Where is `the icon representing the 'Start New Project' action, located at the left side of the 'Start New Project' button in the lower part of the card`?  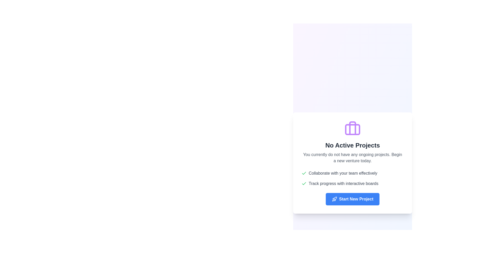
the icon representing the 'Start New Project' action, located at the left side of the 'Start New Project' button in the lower part of the card is located at coordinates (334, 199).